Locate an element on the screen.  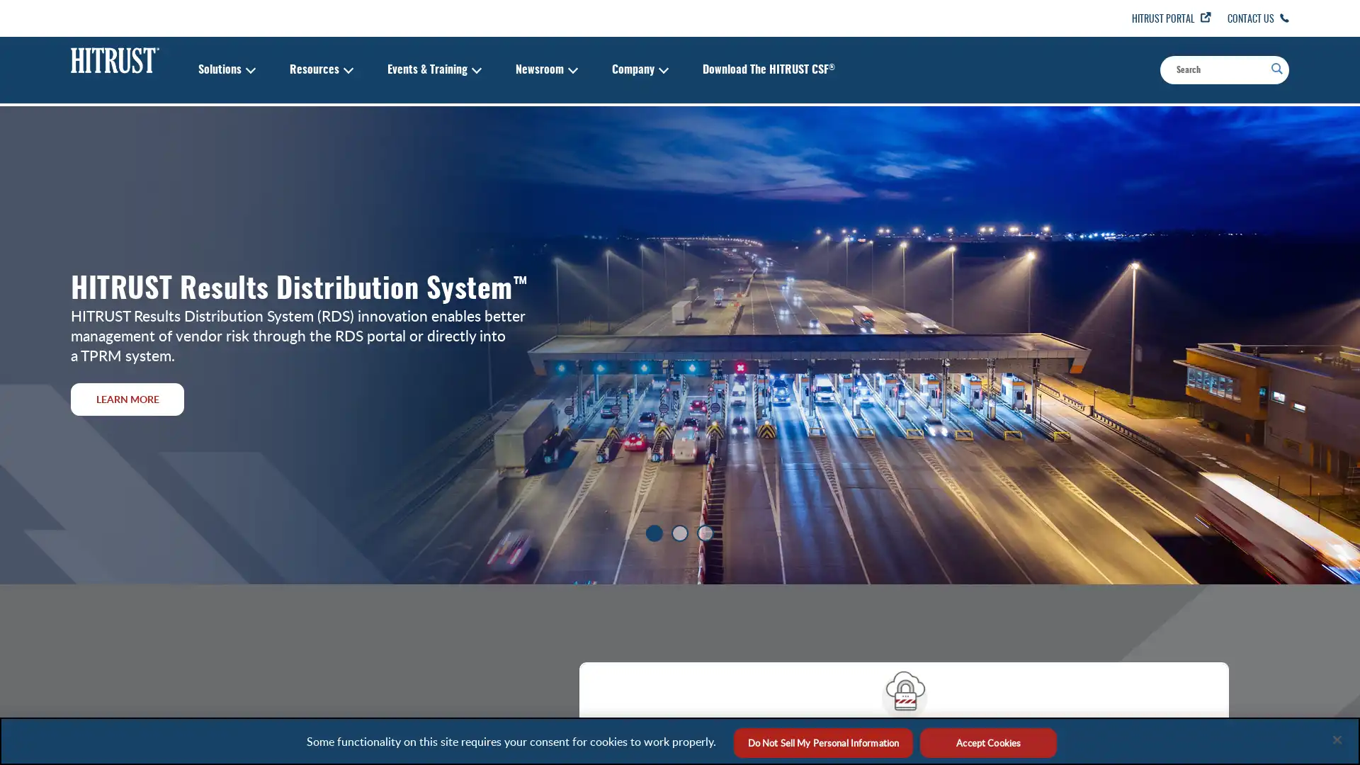
Do Not Sell My Personal Information is located at coordinates (822, 742).